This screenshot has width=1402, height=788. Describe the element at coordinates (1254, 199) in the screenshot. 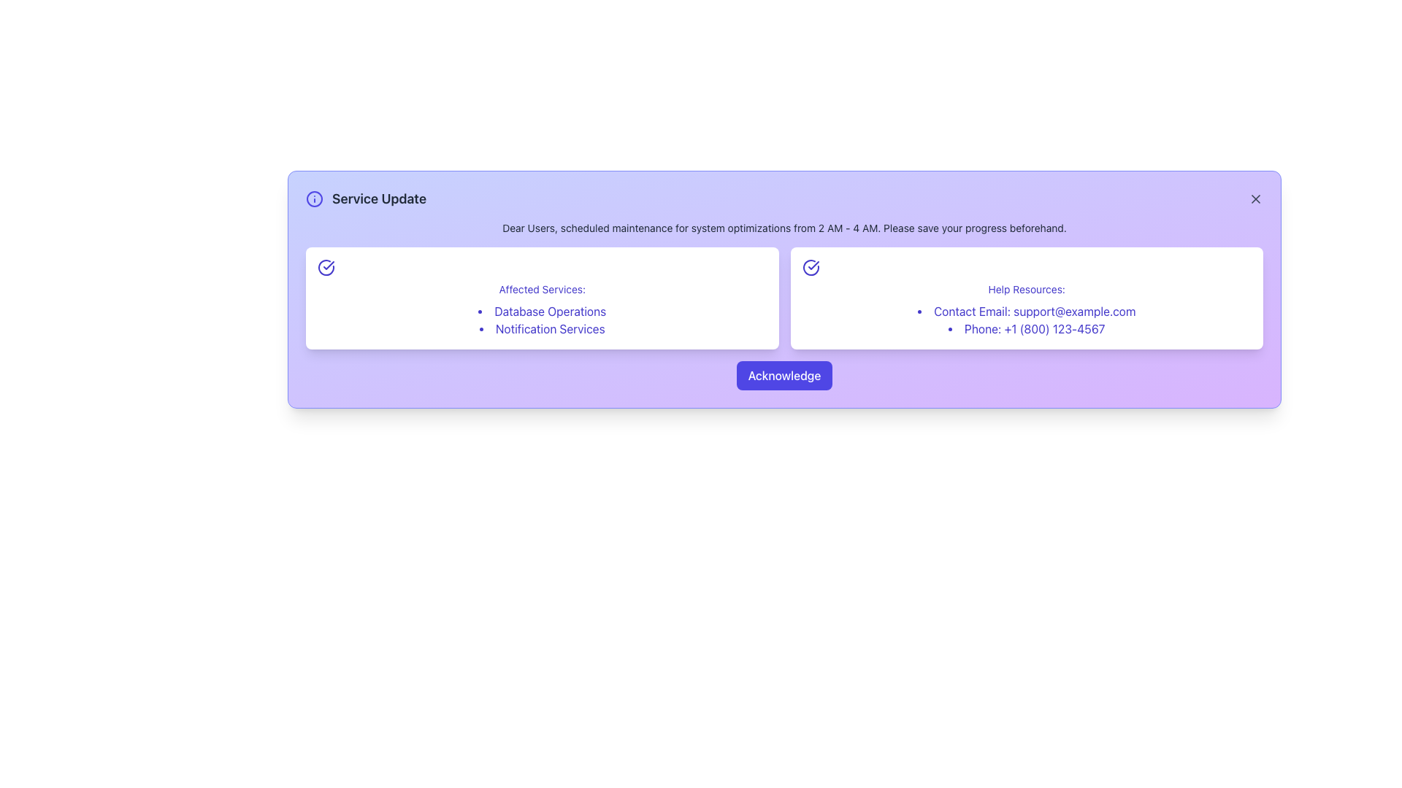

I see `the 'X' icon button in the top-right corner of the 'Service Update' alert box` at that location.